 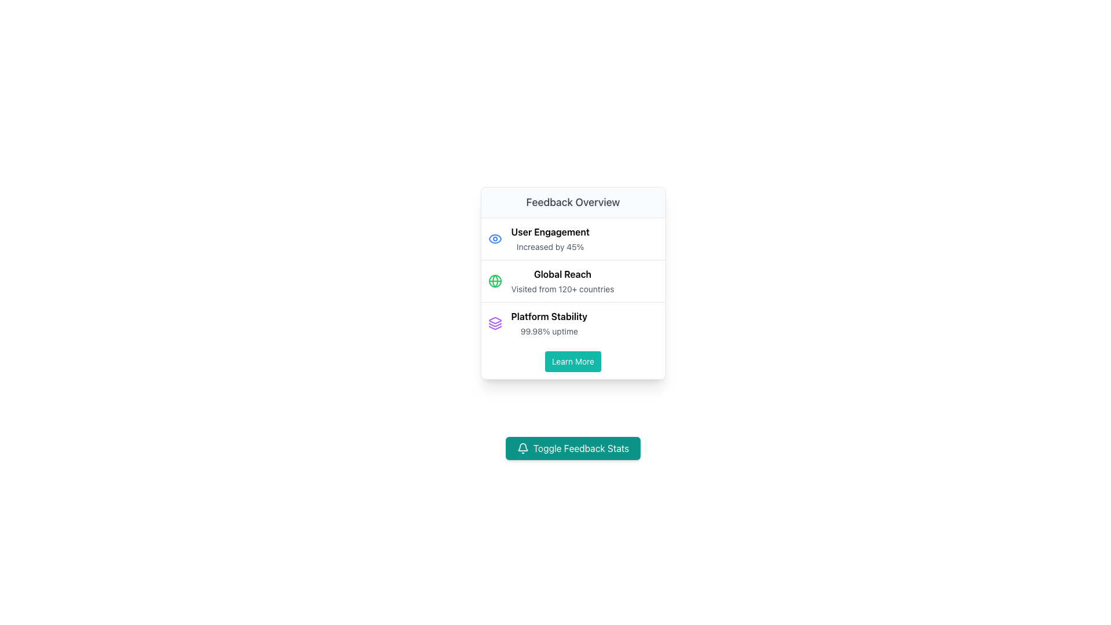 I want to click on the textual information block that provides operational stability details, located in the 'Feedback Overview' card, directly below 'Global Reach' and above the 'Learn More' button, so click(x=549, y=323).